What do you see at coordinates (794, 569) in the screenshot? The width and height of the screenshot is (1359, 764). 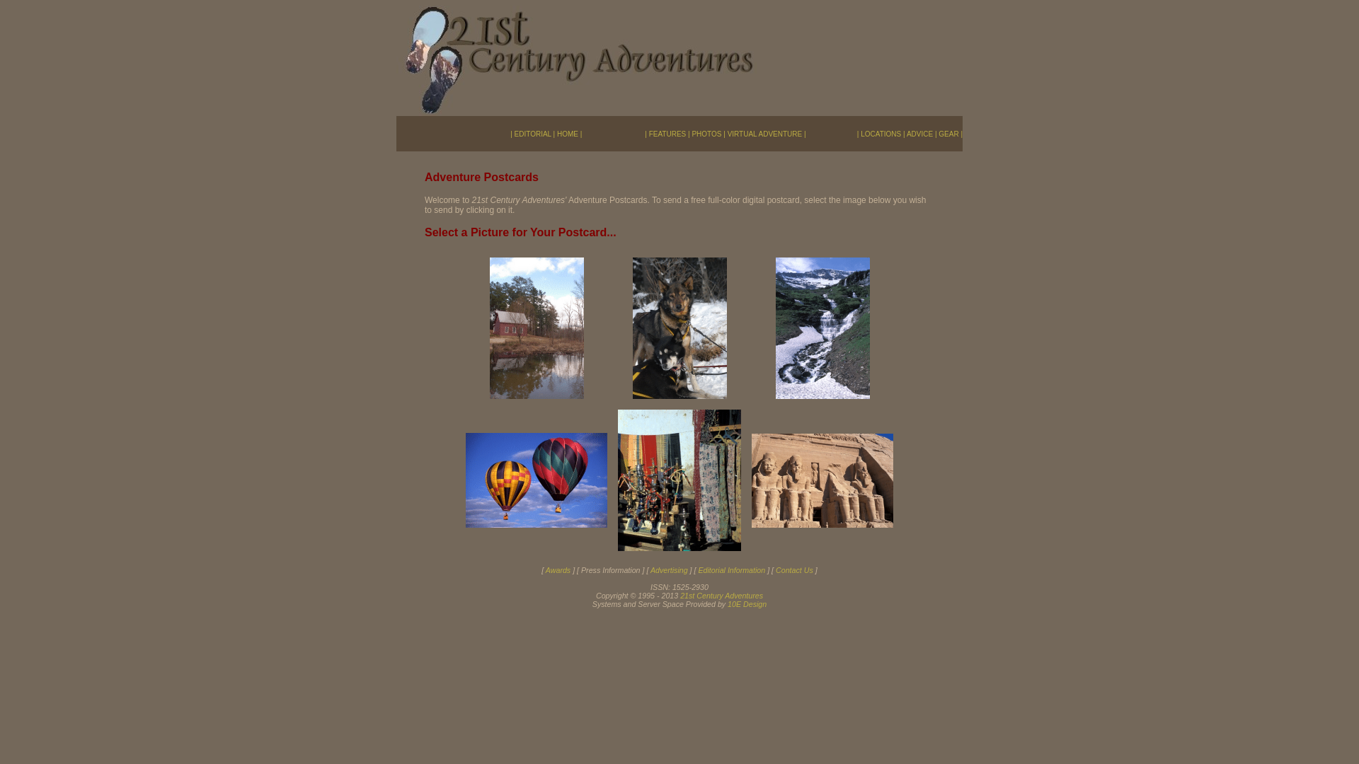 I see `'Contact Us'` at bounding box center [794, 569].